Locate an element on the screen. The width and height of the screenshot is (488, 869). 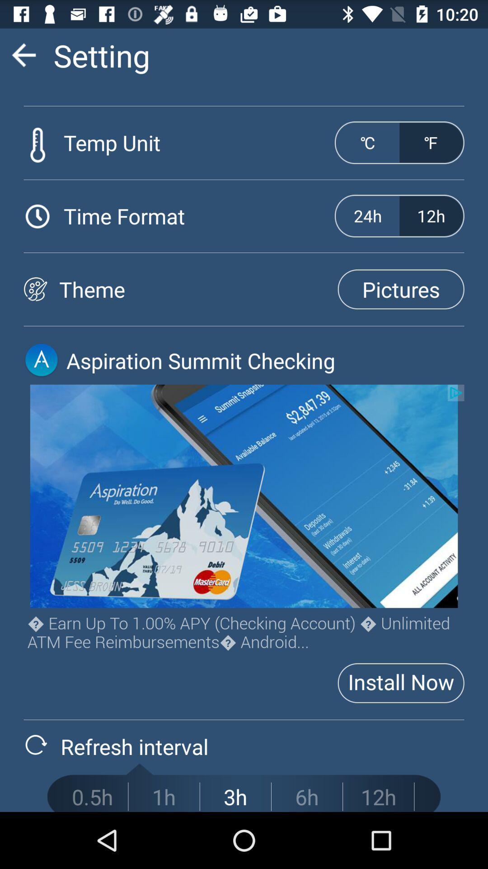
the blue colored icon shown above the image is located at coordinates (42, 360).